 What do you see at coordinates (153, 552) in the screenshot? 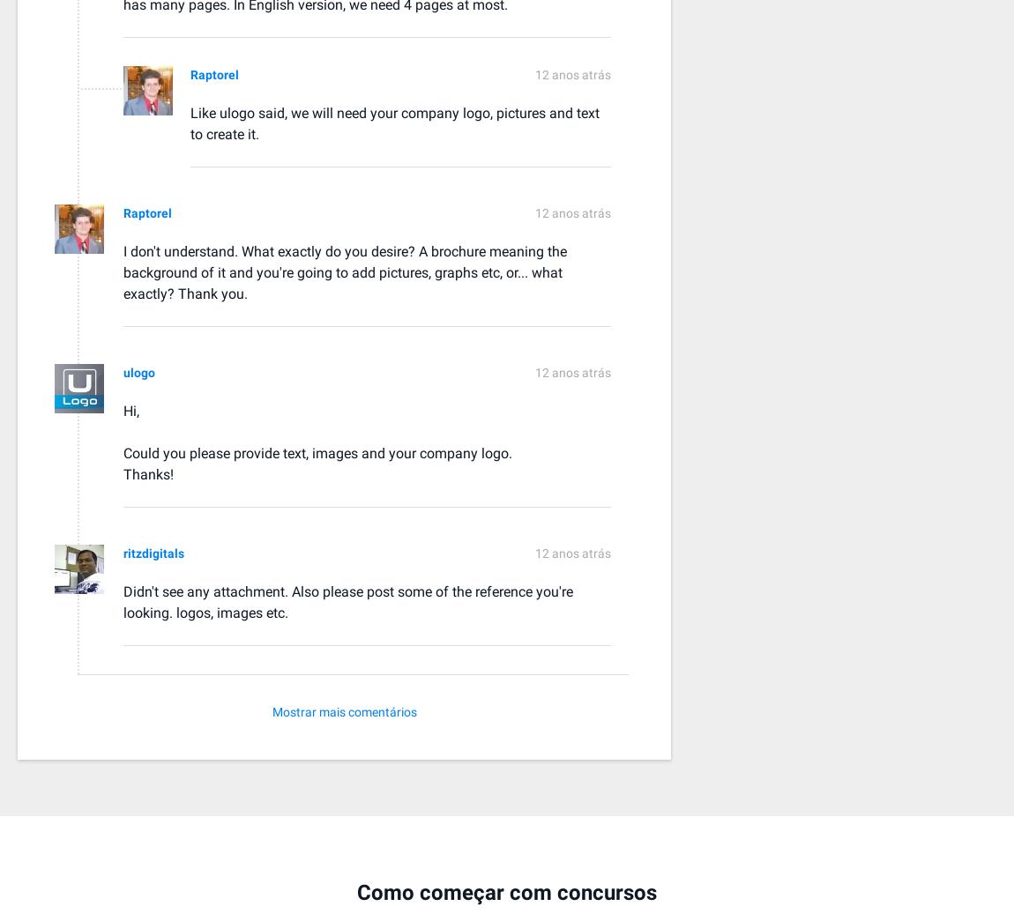
I see `'ritzdigitals'` at bounding box center [153, 552].